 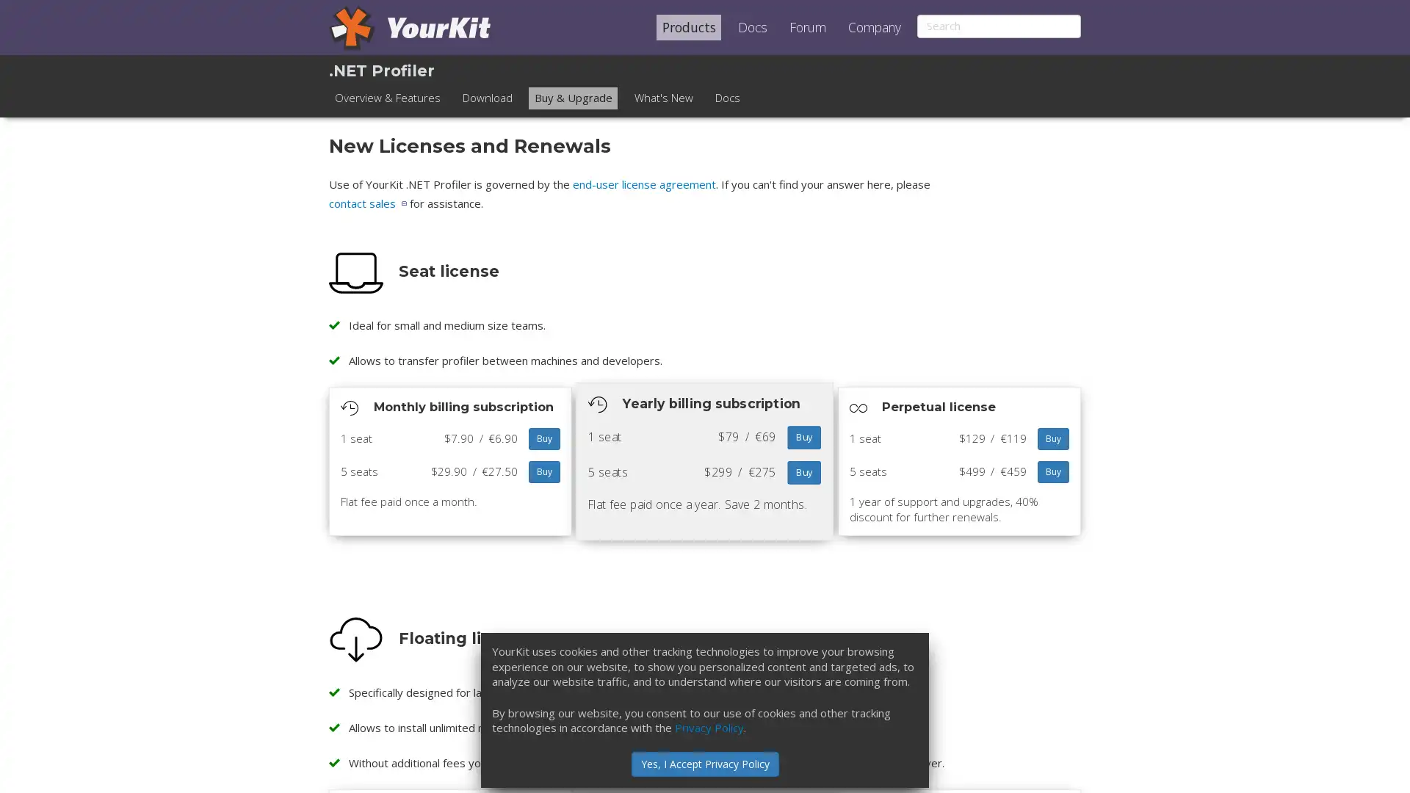 I want to click on Buy, so click(x=1052, y=472).